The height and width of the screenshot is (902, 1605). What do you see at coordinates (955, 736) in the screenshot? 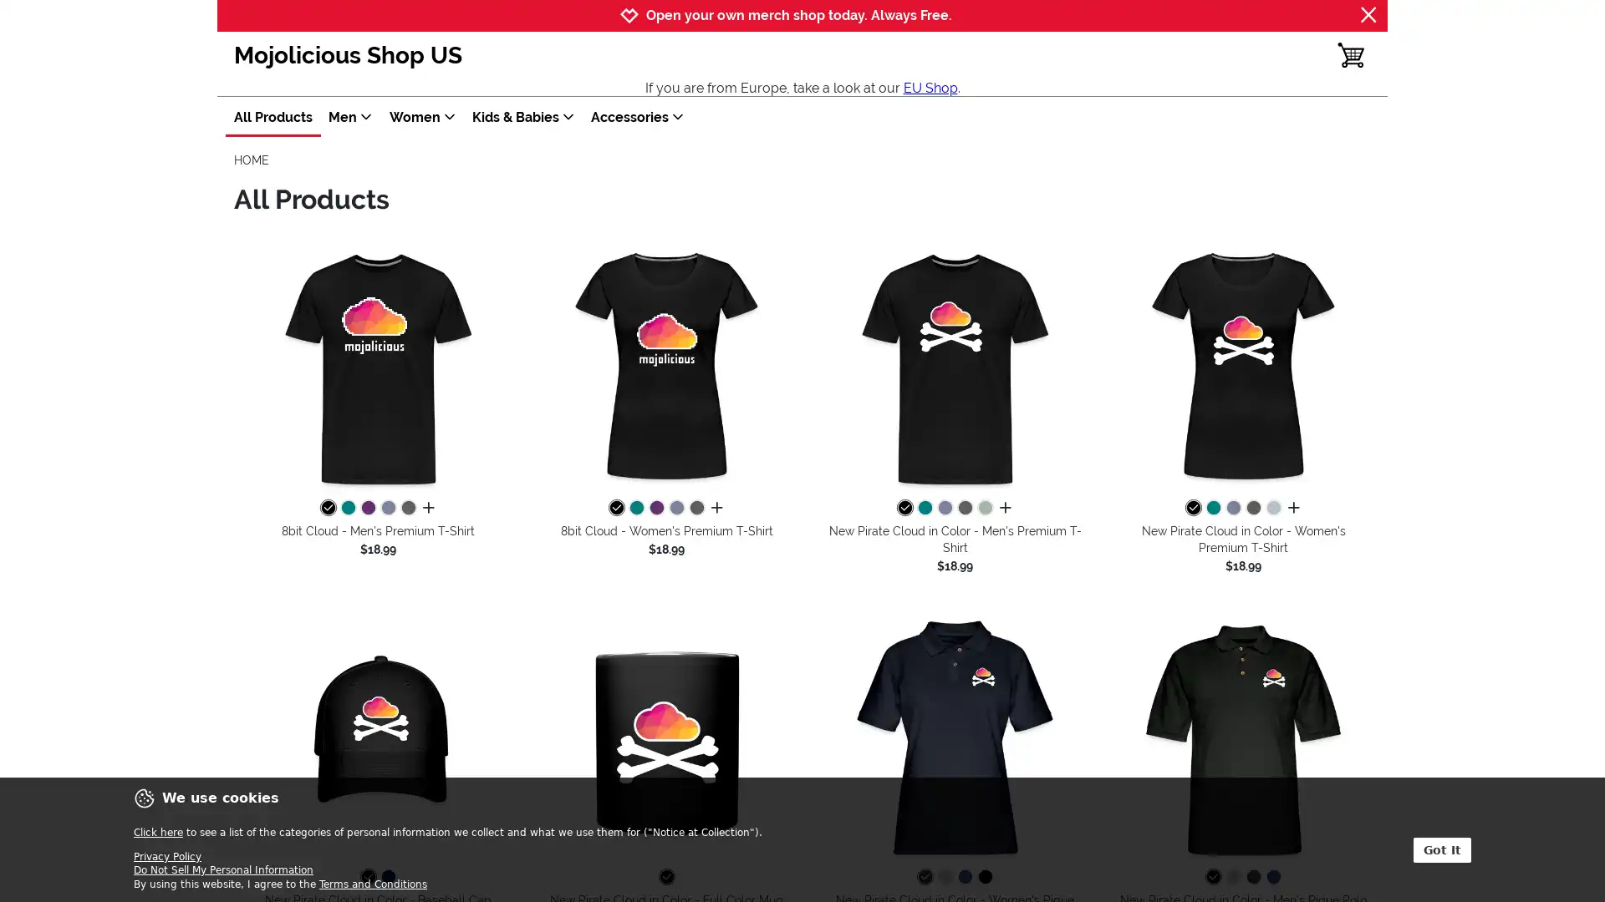
I see `New Pirate Cloud in Color - Women's Pique Polo Shirt` at bounding box center [955, 736].